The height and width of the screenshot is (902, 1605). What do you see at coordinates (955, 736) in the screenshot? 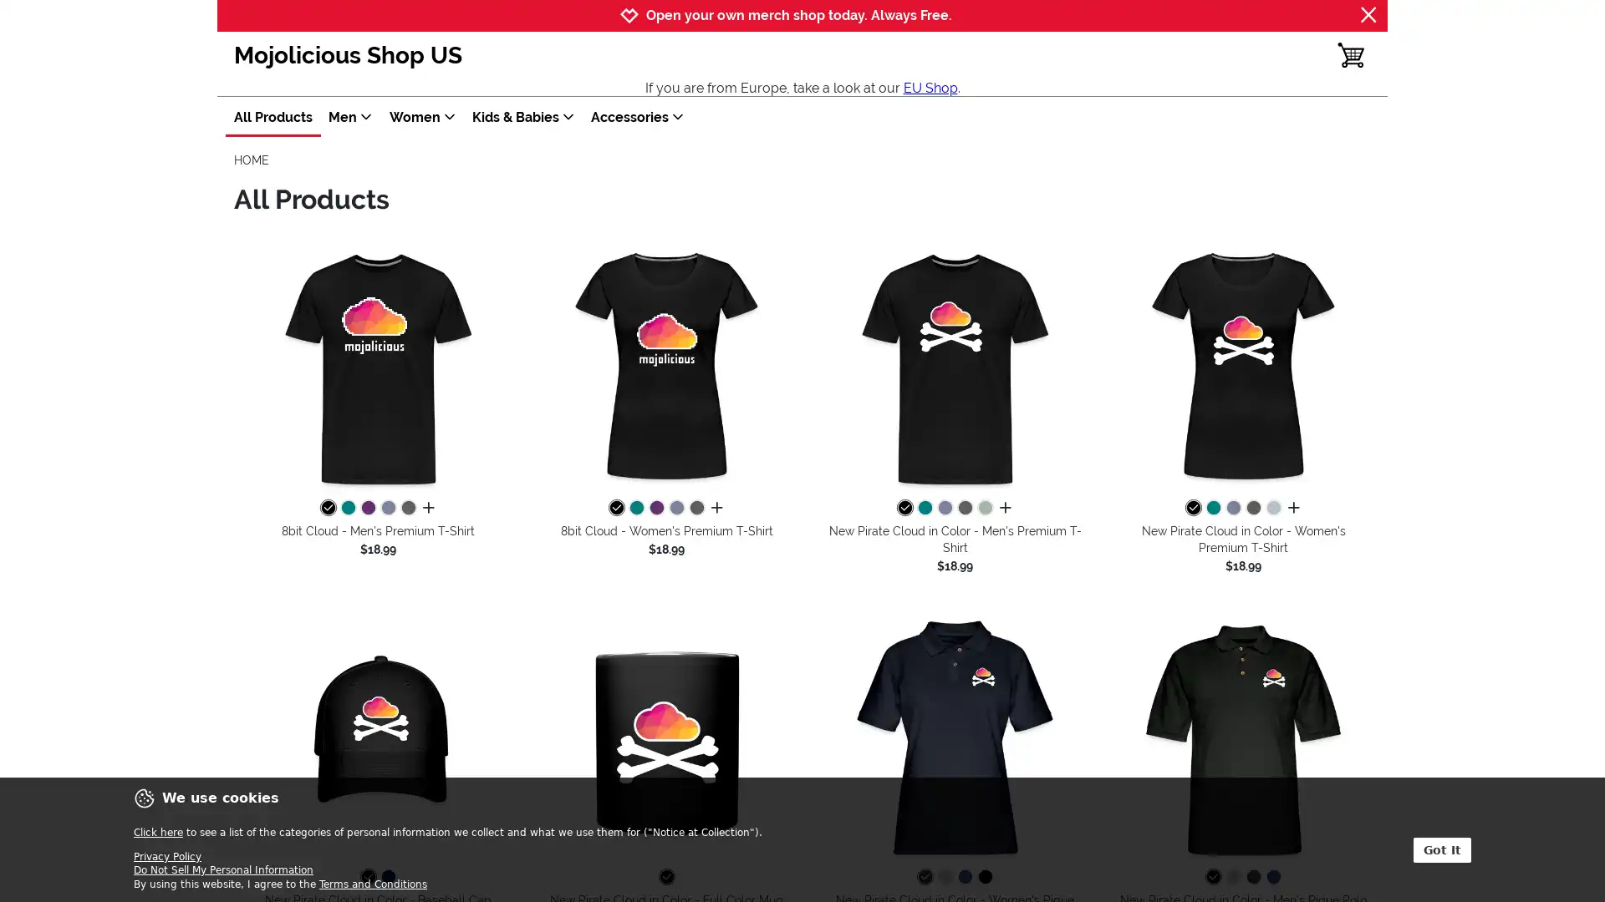
I see `New Pirate Cloud in Color - Women's Pique Polo Shirt` at bounding box center [955, 736].